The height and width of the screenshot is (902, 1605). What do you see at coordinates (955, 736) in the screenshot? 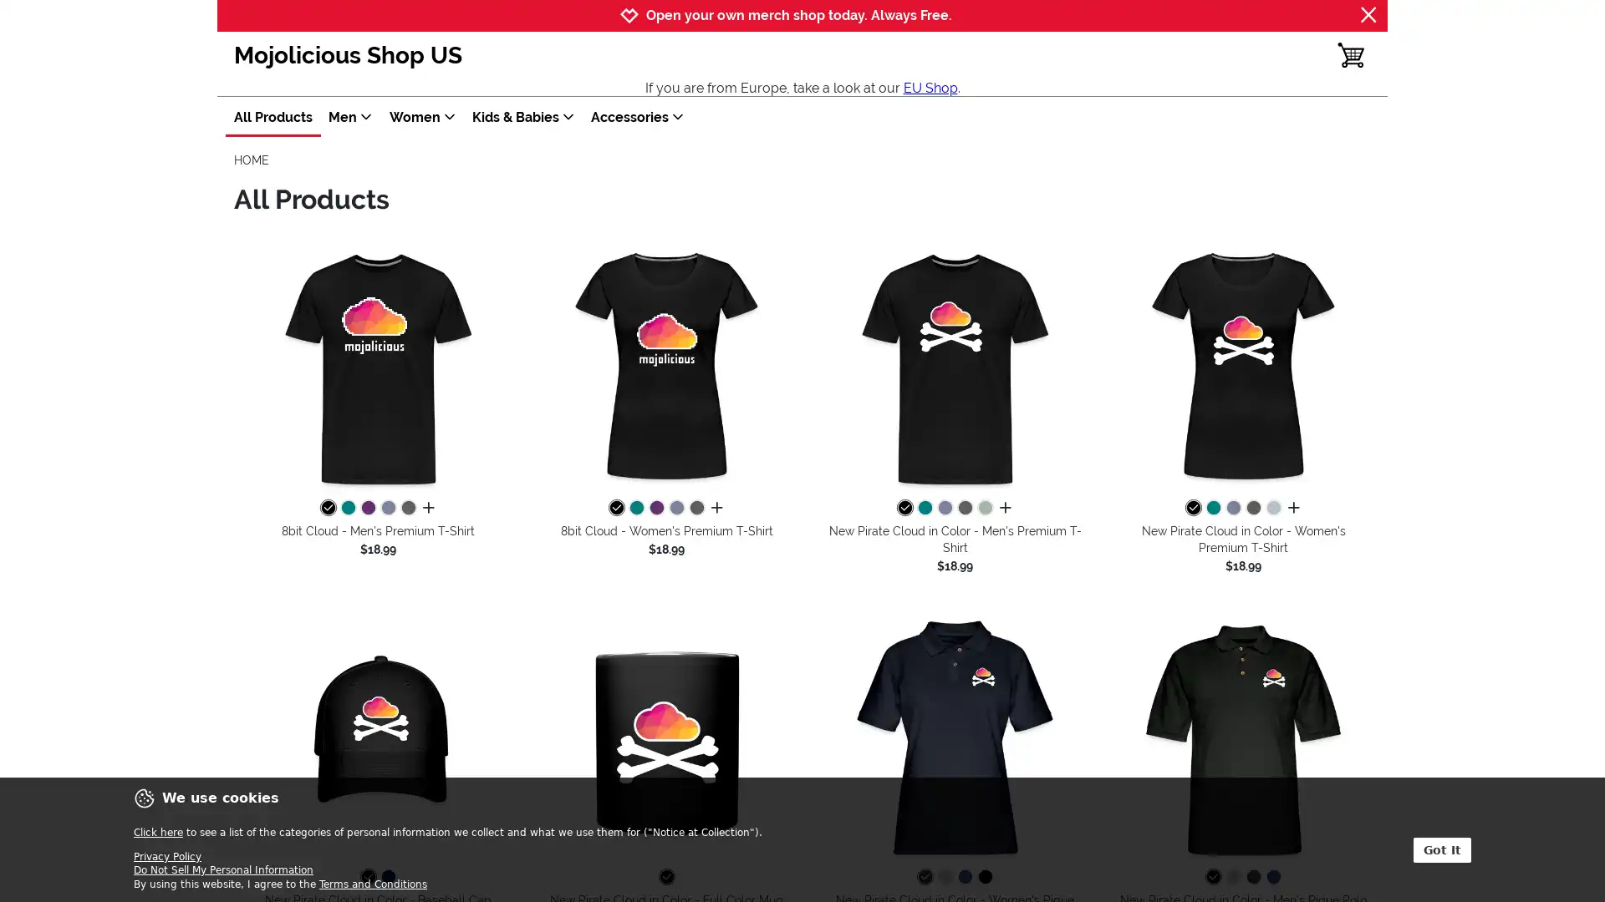
I see `New Pirate Cloud in Color - Women's Pique Polo Shirt` at bounding box center [955, 736].